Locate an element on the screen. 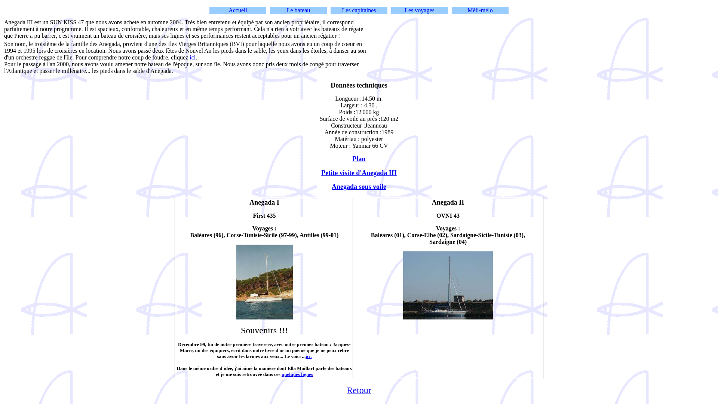  'Retour' is located at coordinates (346, 391).